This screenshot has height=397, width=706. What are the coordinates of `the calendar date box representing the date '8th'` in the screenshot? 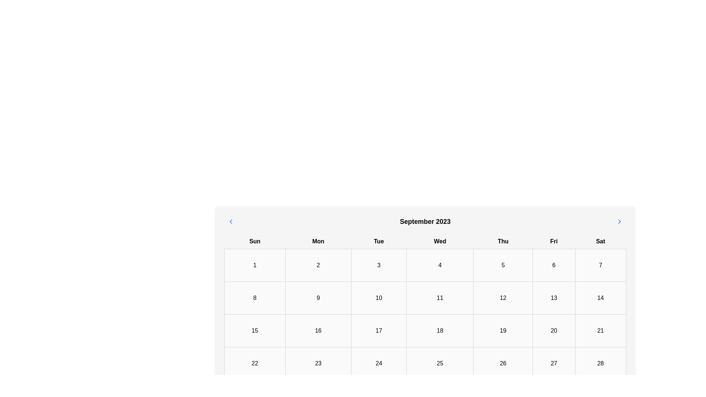 It's located at (255, 298).